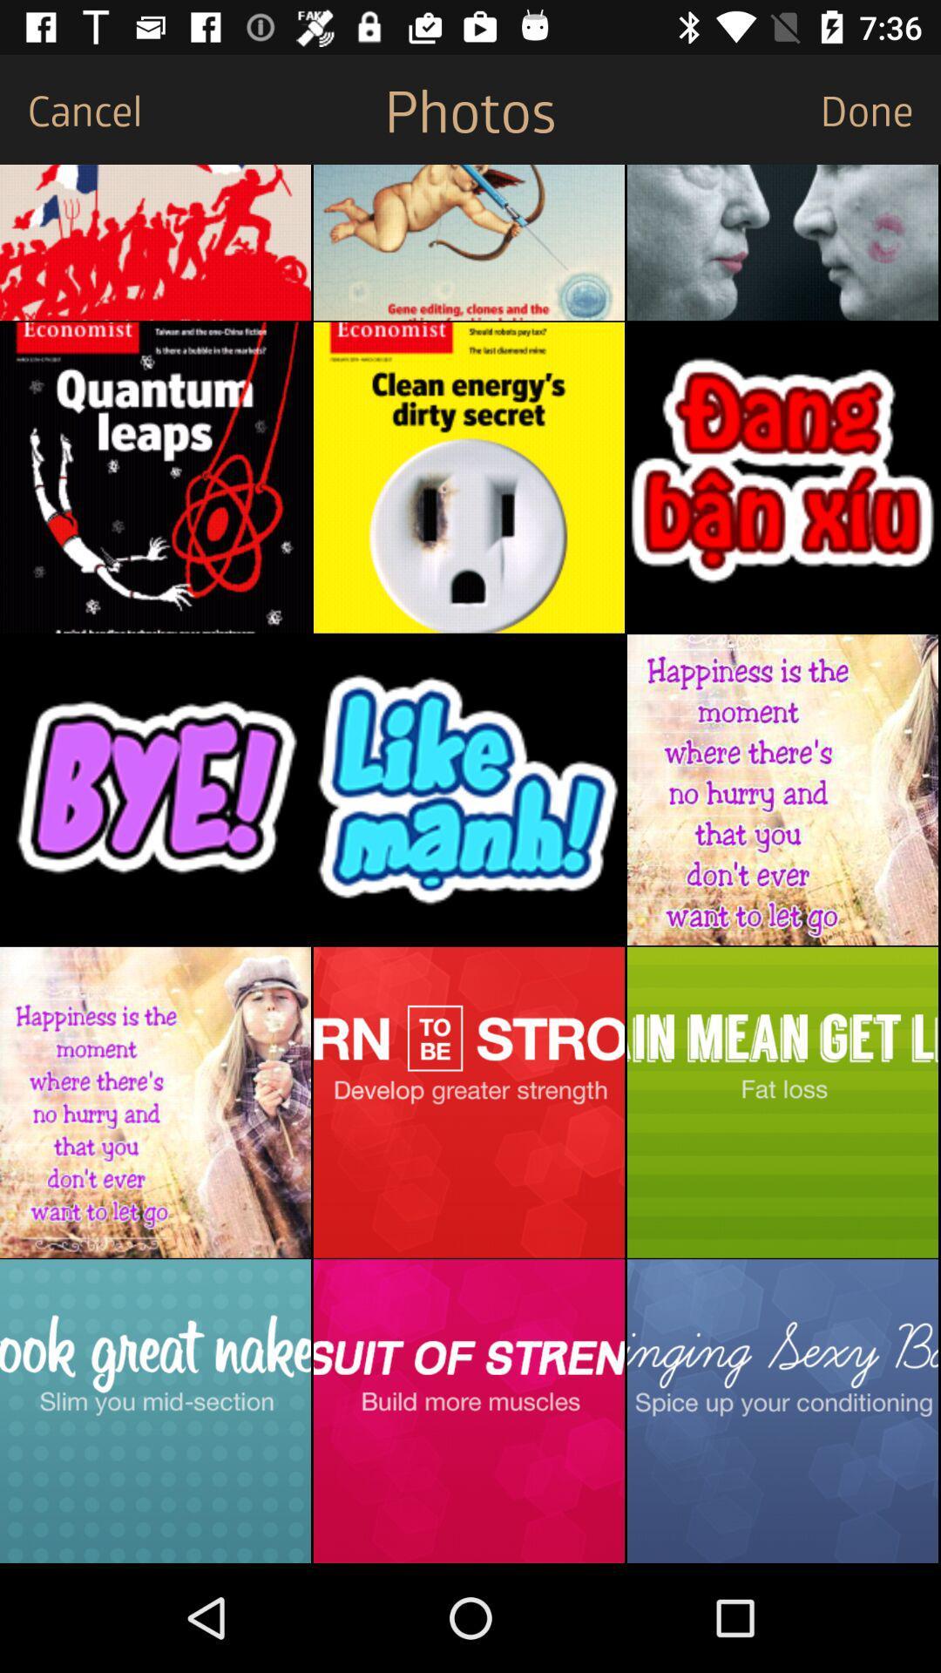 Image resolution: width=941 pixels, height=1673 pixels. What do you see at coordinates (154, 1101) in the screenshot?
I see `photo` at bounding box center [154, 1101].